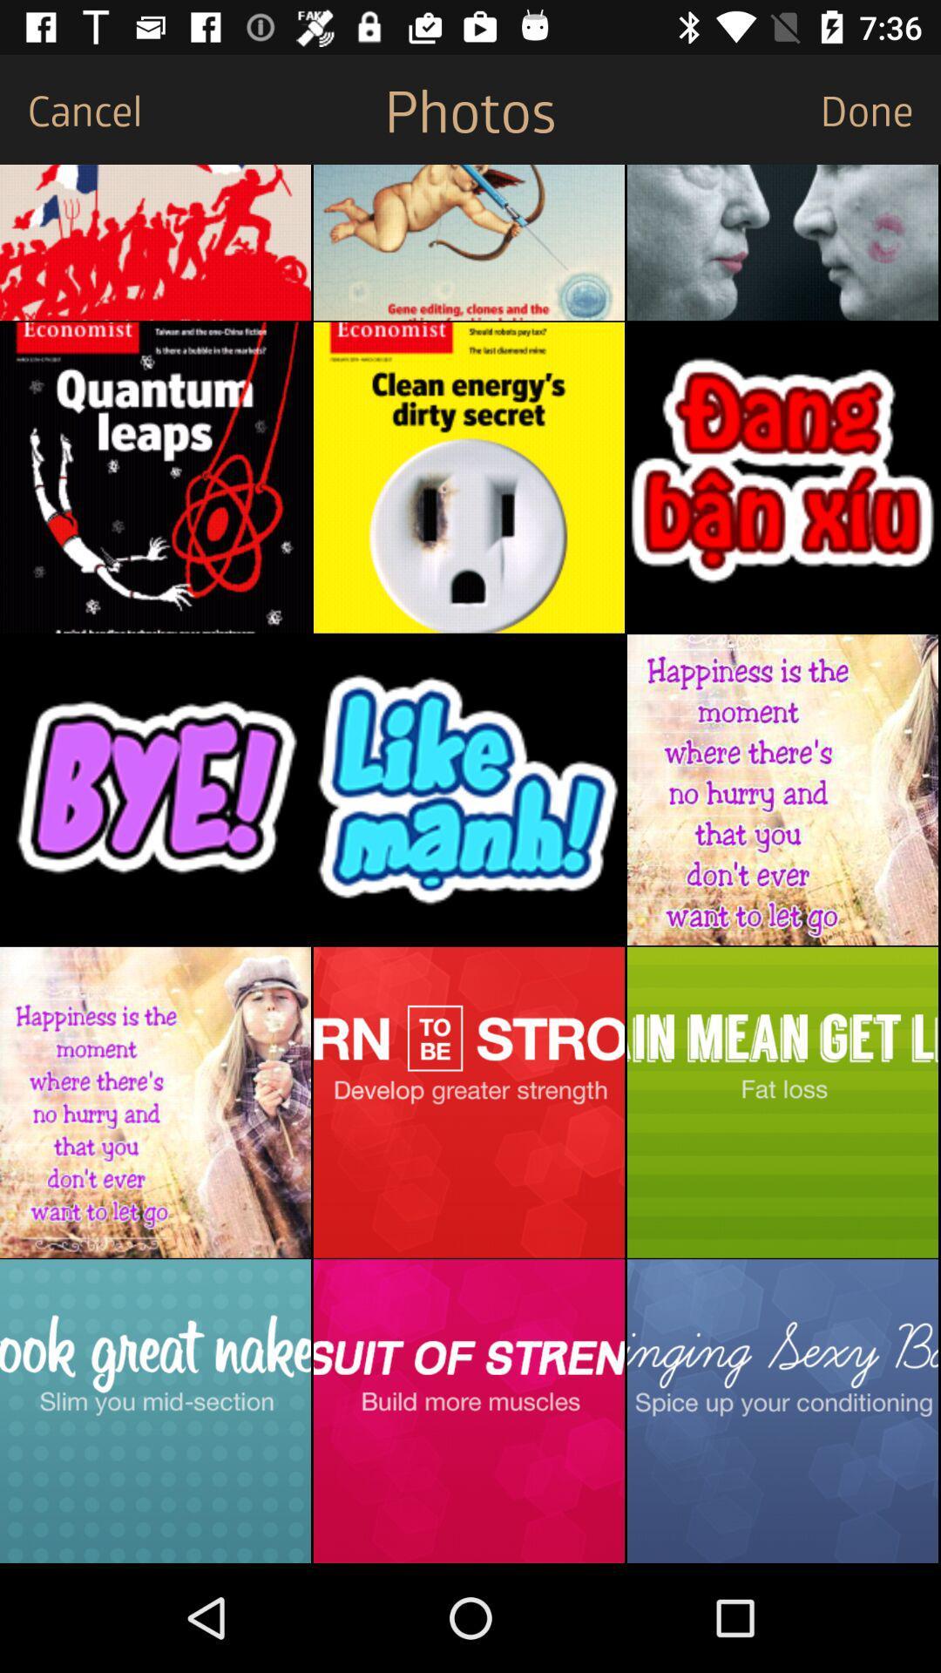 Image resolution: width=941 pixels, height=1673 pixels. What do you see at coordinates (154, 1101) in the screenshot?
I see `photo` at bounding box center [154, 1101].